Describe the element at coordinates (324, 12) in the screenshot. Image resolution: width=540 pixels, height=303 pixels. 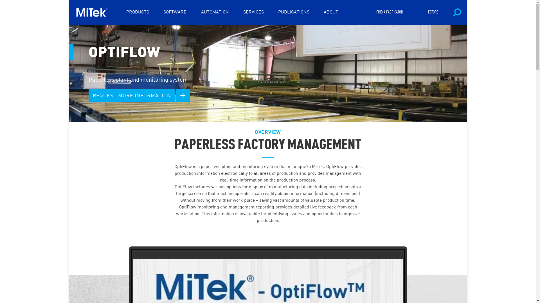
I see `'ABOUT'` at that location.